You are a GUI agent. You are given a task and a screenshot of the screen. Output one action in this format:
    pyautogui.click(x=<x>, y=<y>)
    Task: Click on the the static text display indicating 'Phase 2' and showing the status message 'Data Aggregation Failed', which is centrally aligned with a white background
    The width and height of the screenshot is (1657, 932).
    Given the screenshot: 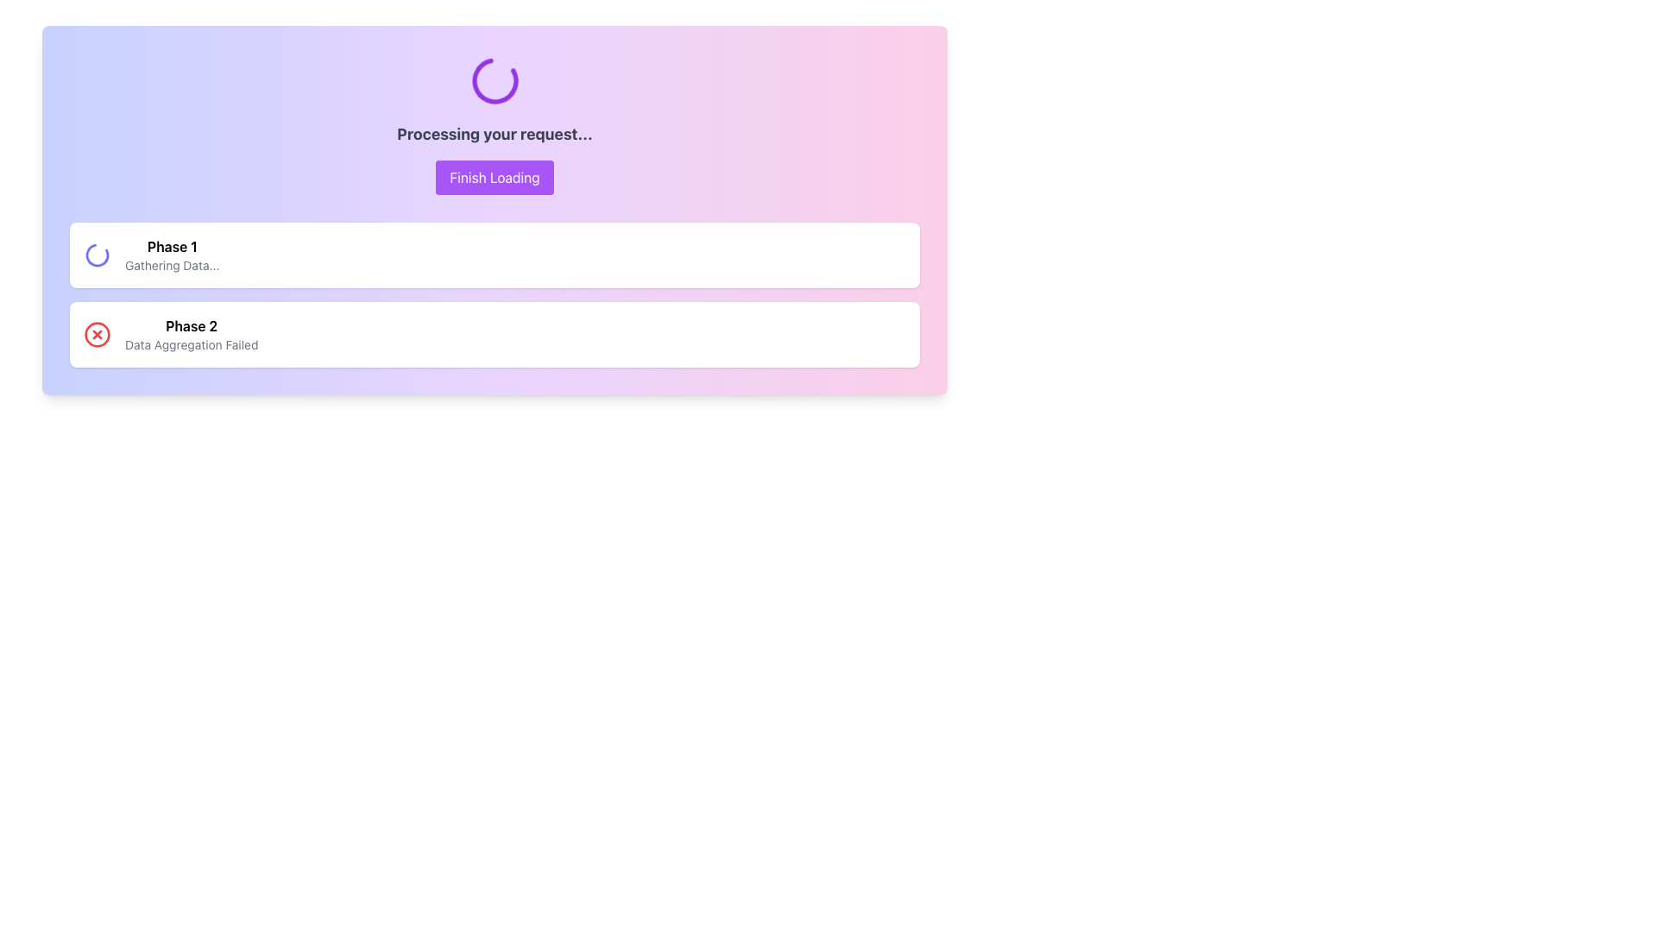 What is the action you would take?
    pyautogui.click(x=192, y=335)
    